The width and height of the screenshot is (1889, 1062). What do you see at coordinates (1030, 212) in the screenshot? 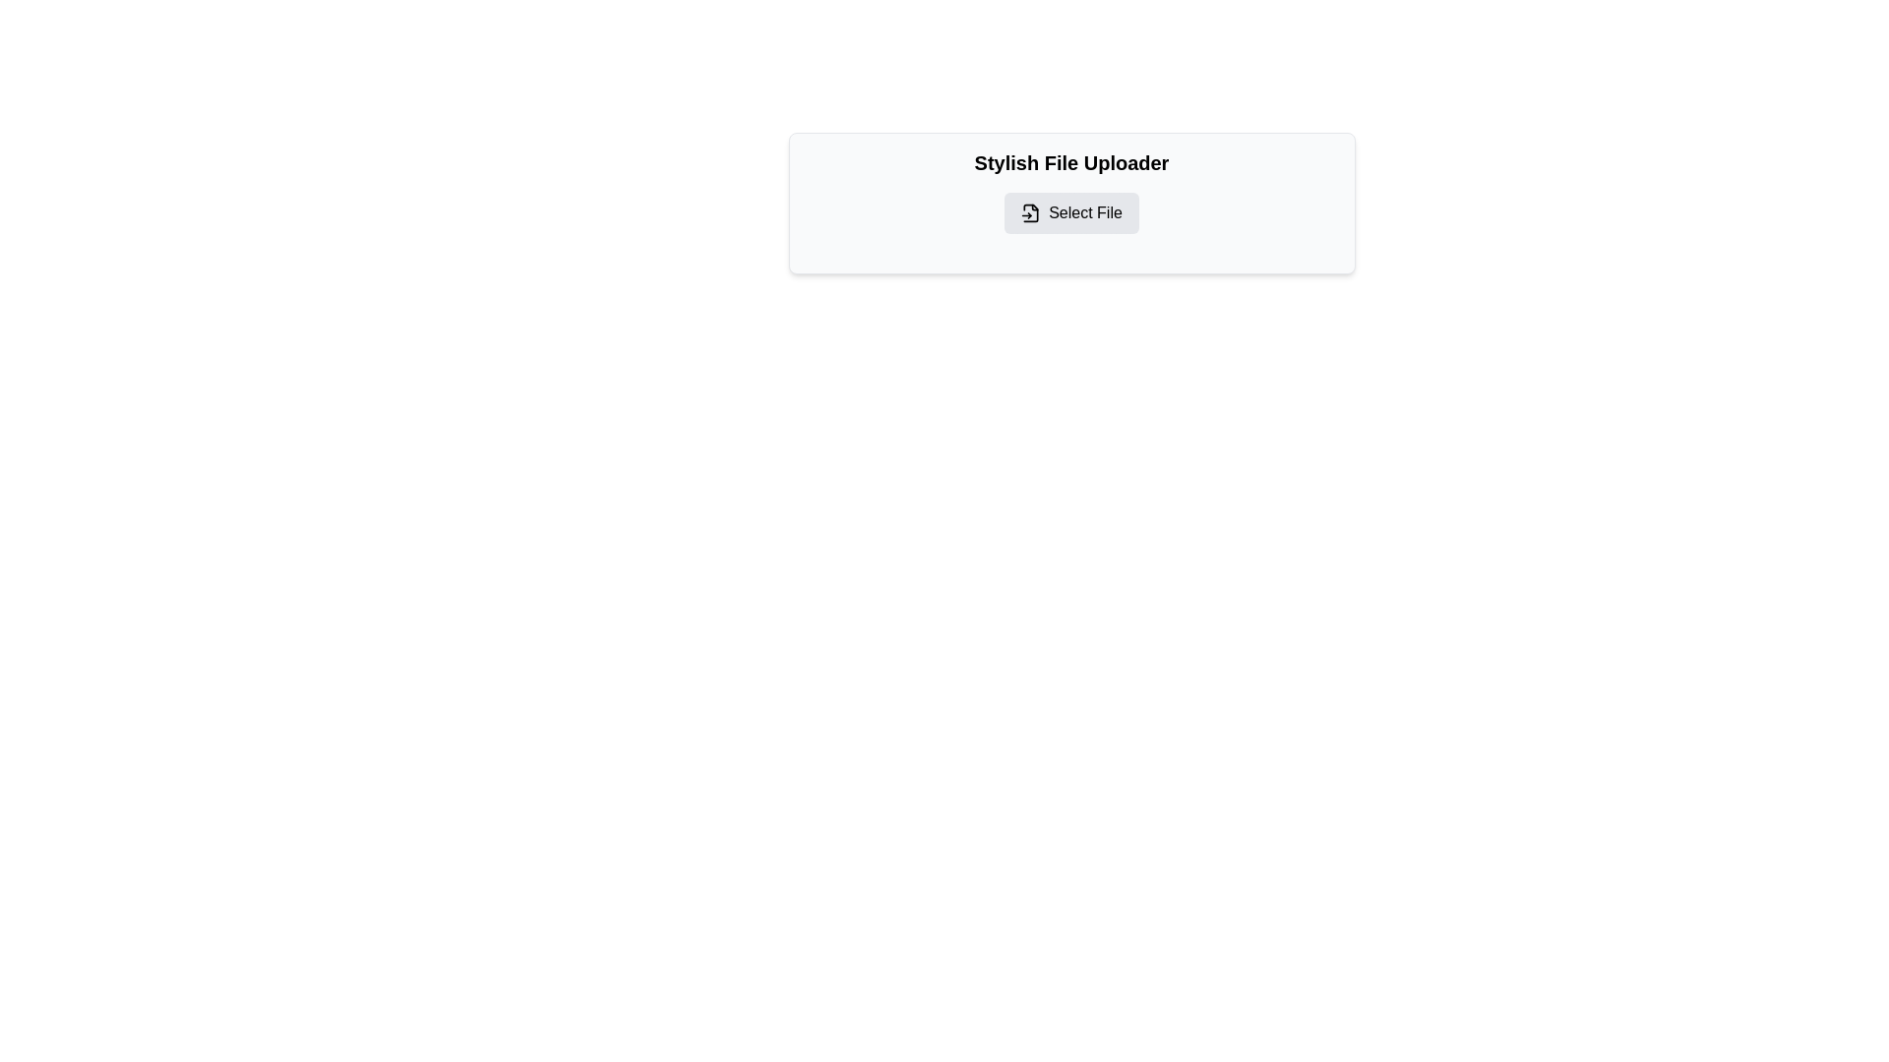
I see `the small file icon with a right-pointing arrow, which is located to the left of the 'Select File' text within a gray rectangular button with a dashed border` at bounding box center [1030, 212].